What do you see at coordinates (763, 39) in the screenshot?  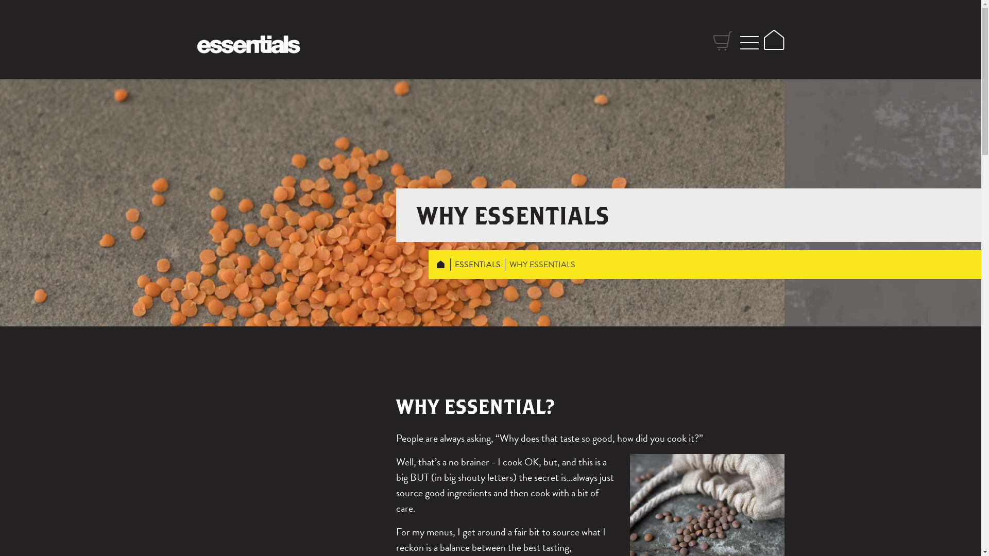 I see `'Home'` at bounding box center [763, 39].